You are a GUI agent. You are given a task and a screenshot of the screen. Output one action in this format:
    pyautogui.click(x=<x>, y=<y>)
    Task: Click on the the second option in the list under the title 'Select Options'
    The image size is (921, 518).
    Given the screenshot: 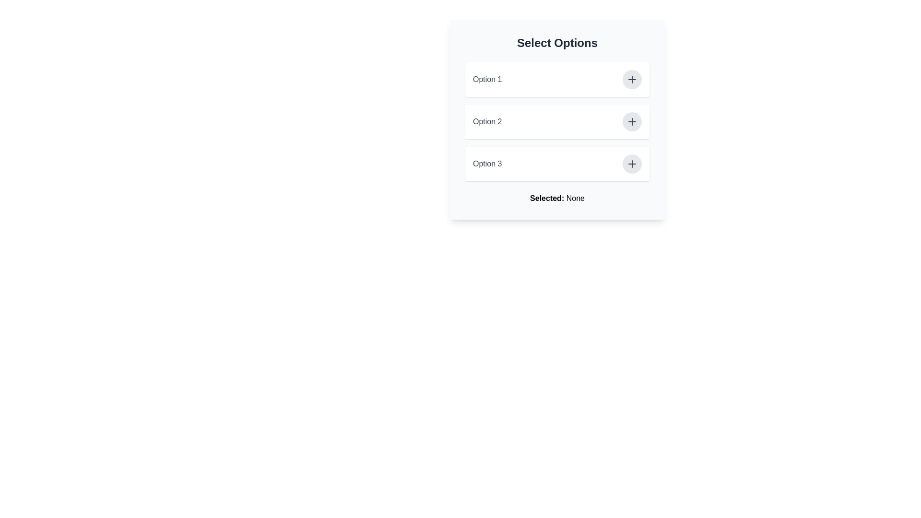 What is the action you would take?
    pyautogui.click(x=557, y=121)
    